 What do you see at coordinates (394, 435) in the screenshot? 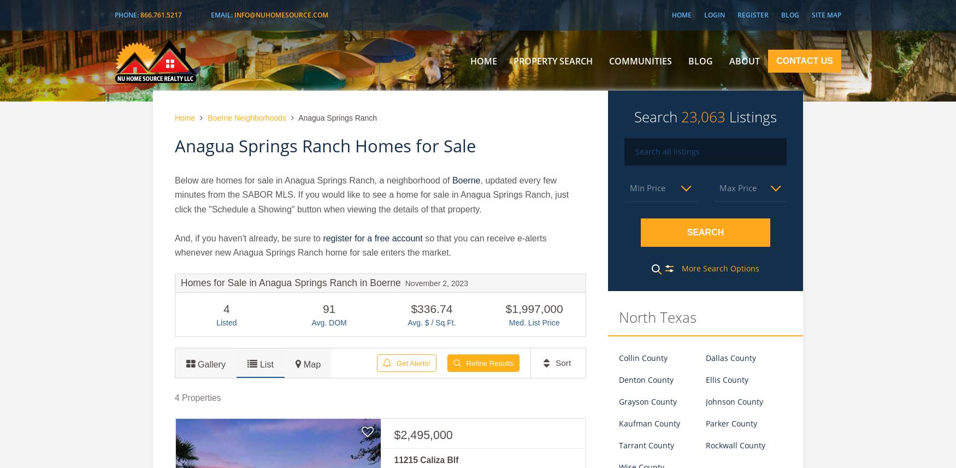
I see `'$2,495,000'` at bounding box center [394, 435].